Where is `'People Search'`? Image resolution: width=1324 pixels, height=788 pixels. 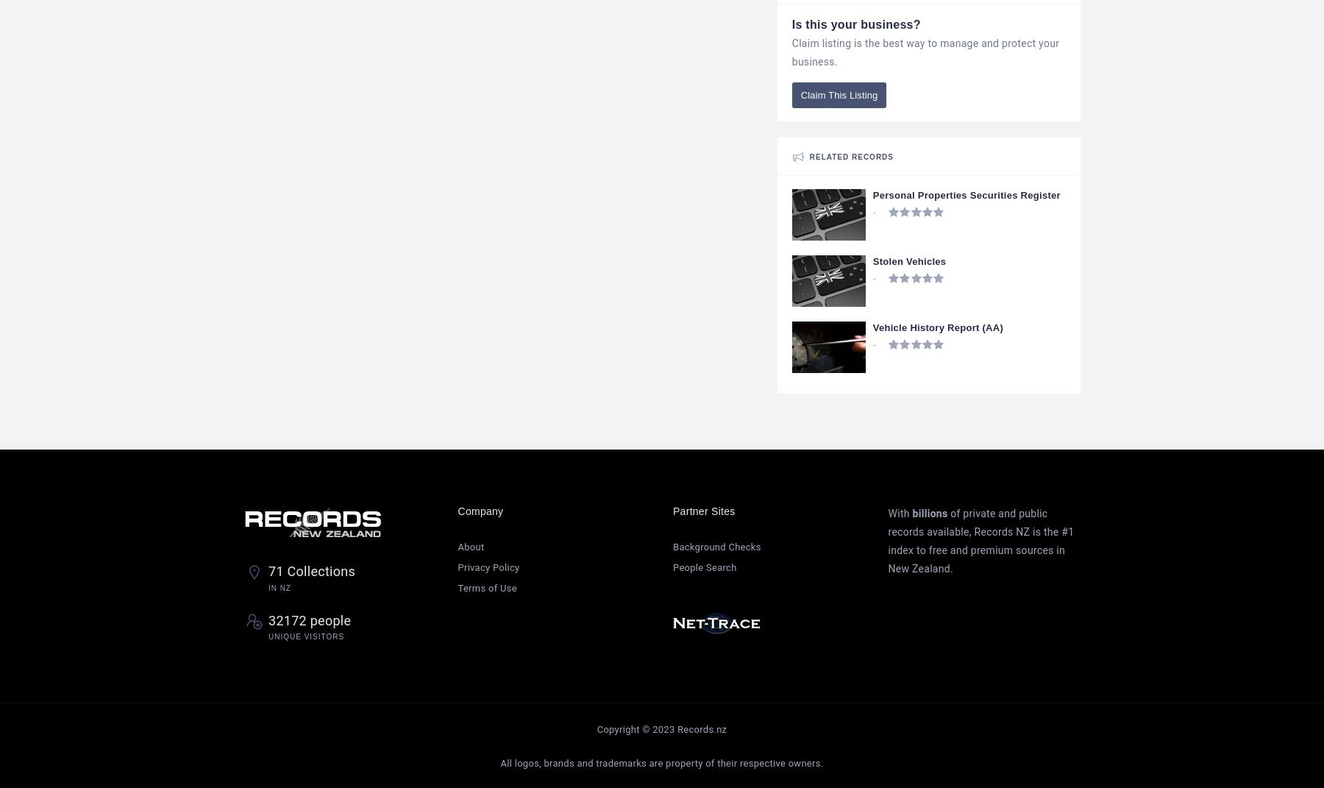 'People Search' is located at coordinates (672, 566).